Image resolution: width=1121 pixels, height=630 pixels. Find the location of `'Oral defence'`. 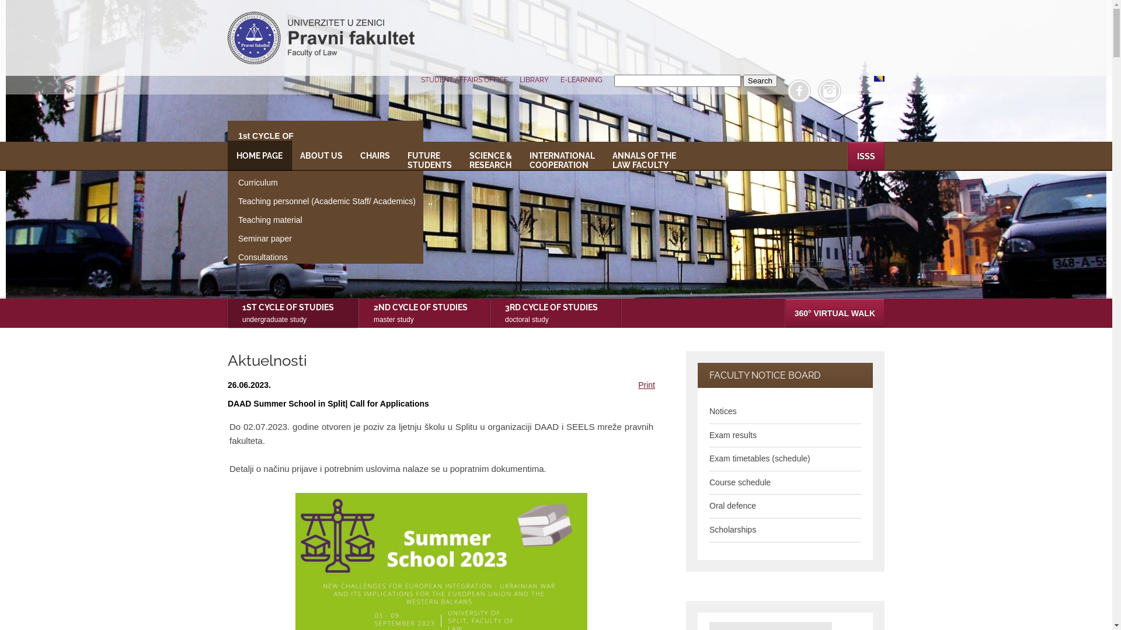

'Oral defence' is located at coordinates (732, 505).